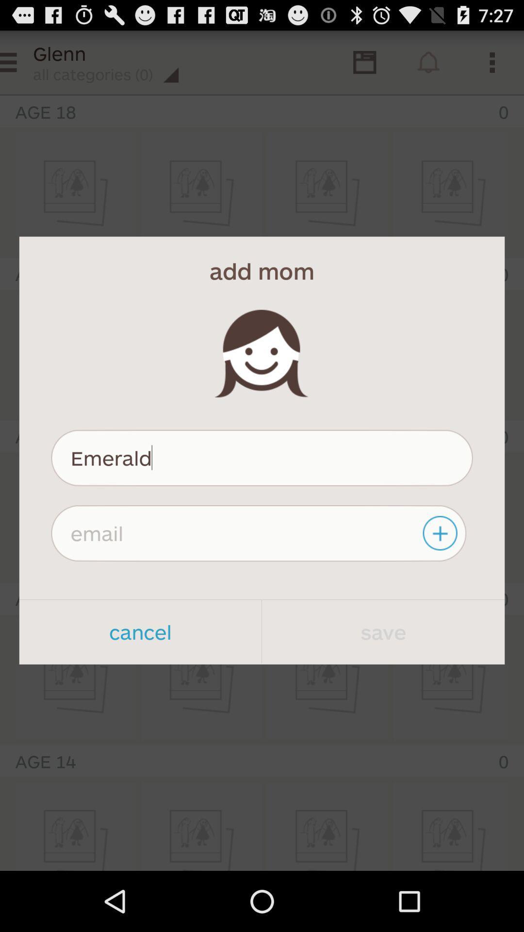 Image resolution: width=524 pixels, height=932 pixels. What do you see at coordinates (441, 533) in the screenshot?
I see `the item below emerald item` at bounding box center [441, 533].